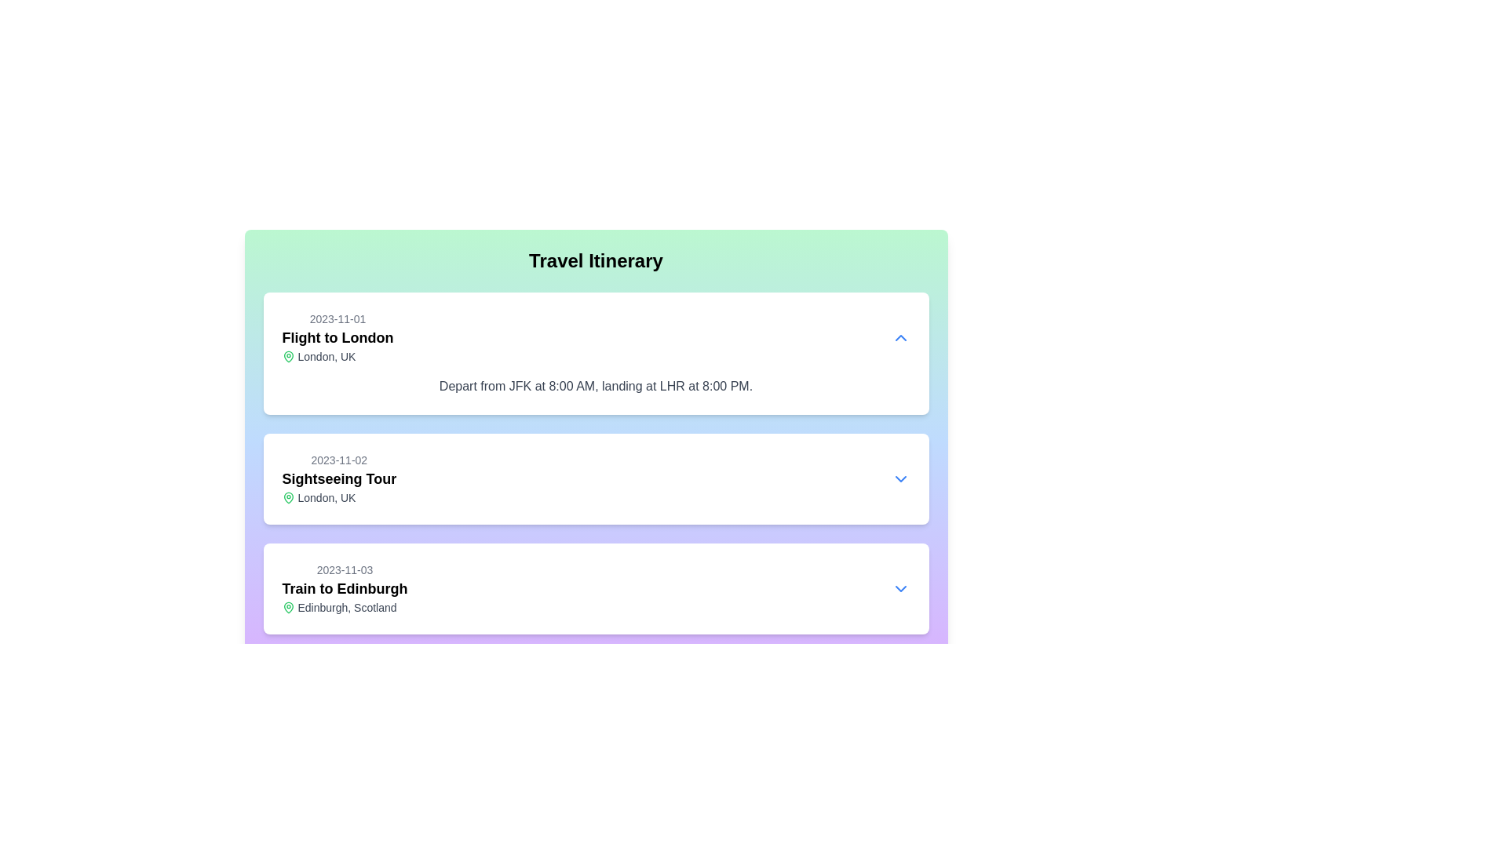 This screenshot has width=1507, height=847. Describe the element at coordinates (595, 478) in the screenshot. I see `the center of the Expandable travel item summary` at that location.